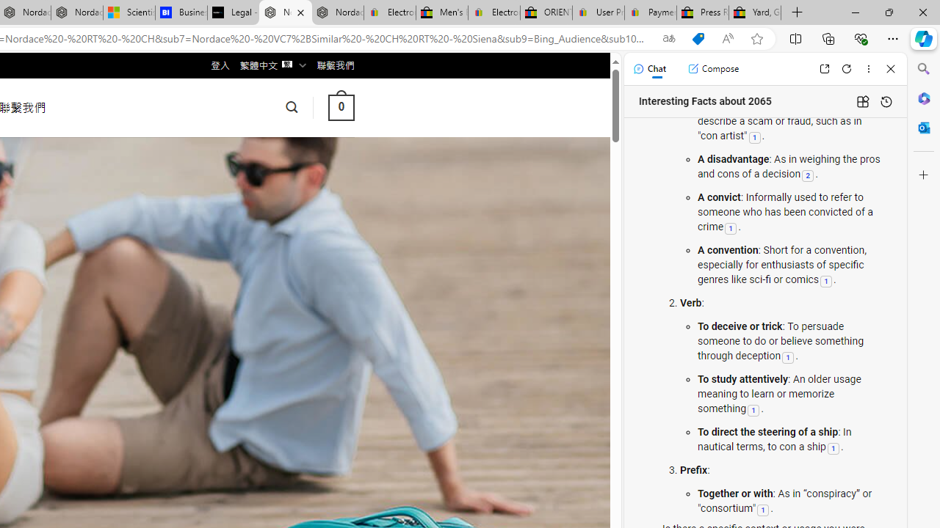  What do you see at coordinates (923, 69) in the screenshot?
I see `'Minimize Search pane'` at bounding box center [923, 69].